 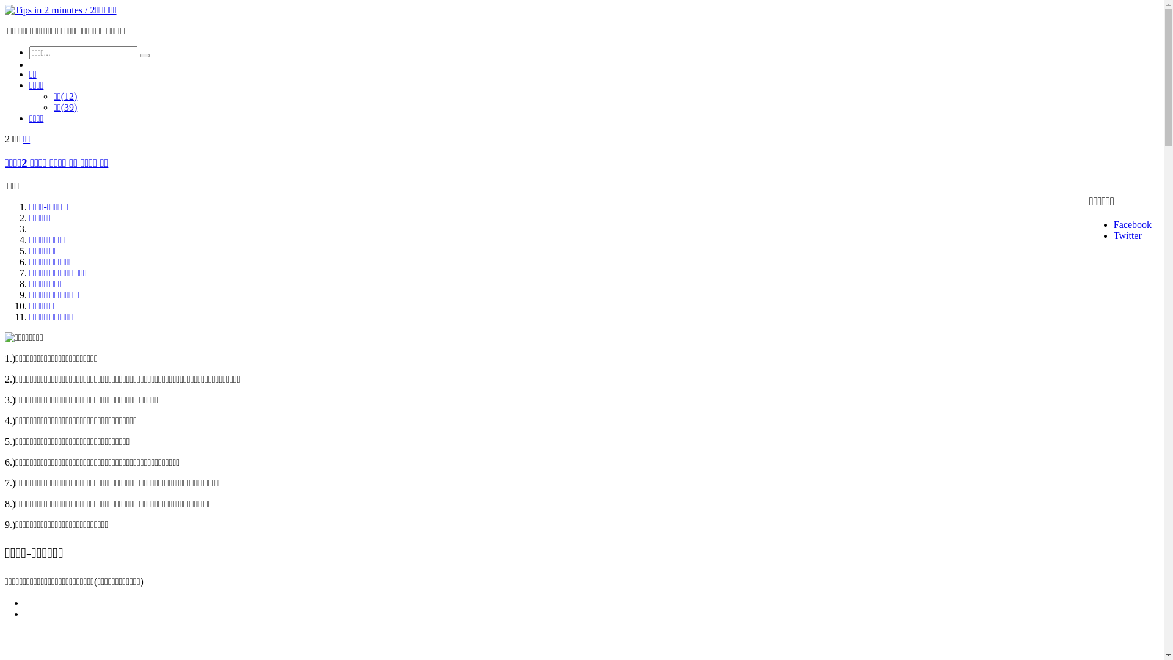 What do you see at coordinates (1127, 235) in the screenshot?
I see `'Twitter'` at bounding box center [1127, 235].